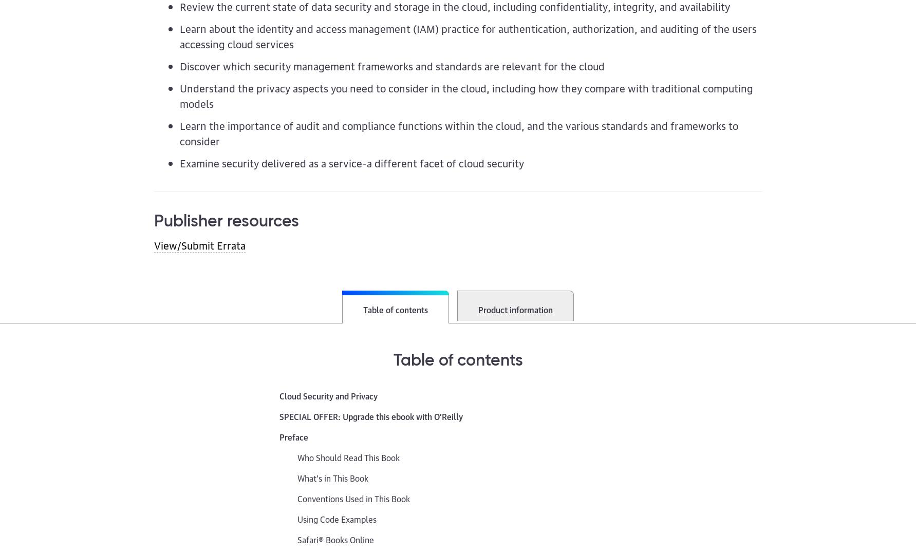 This screenshot has width=916, height=554. What do you see at coordinates (226, 221) in the screenshot?
I see `'Publisher resources'` at bounding box center [226, 221].